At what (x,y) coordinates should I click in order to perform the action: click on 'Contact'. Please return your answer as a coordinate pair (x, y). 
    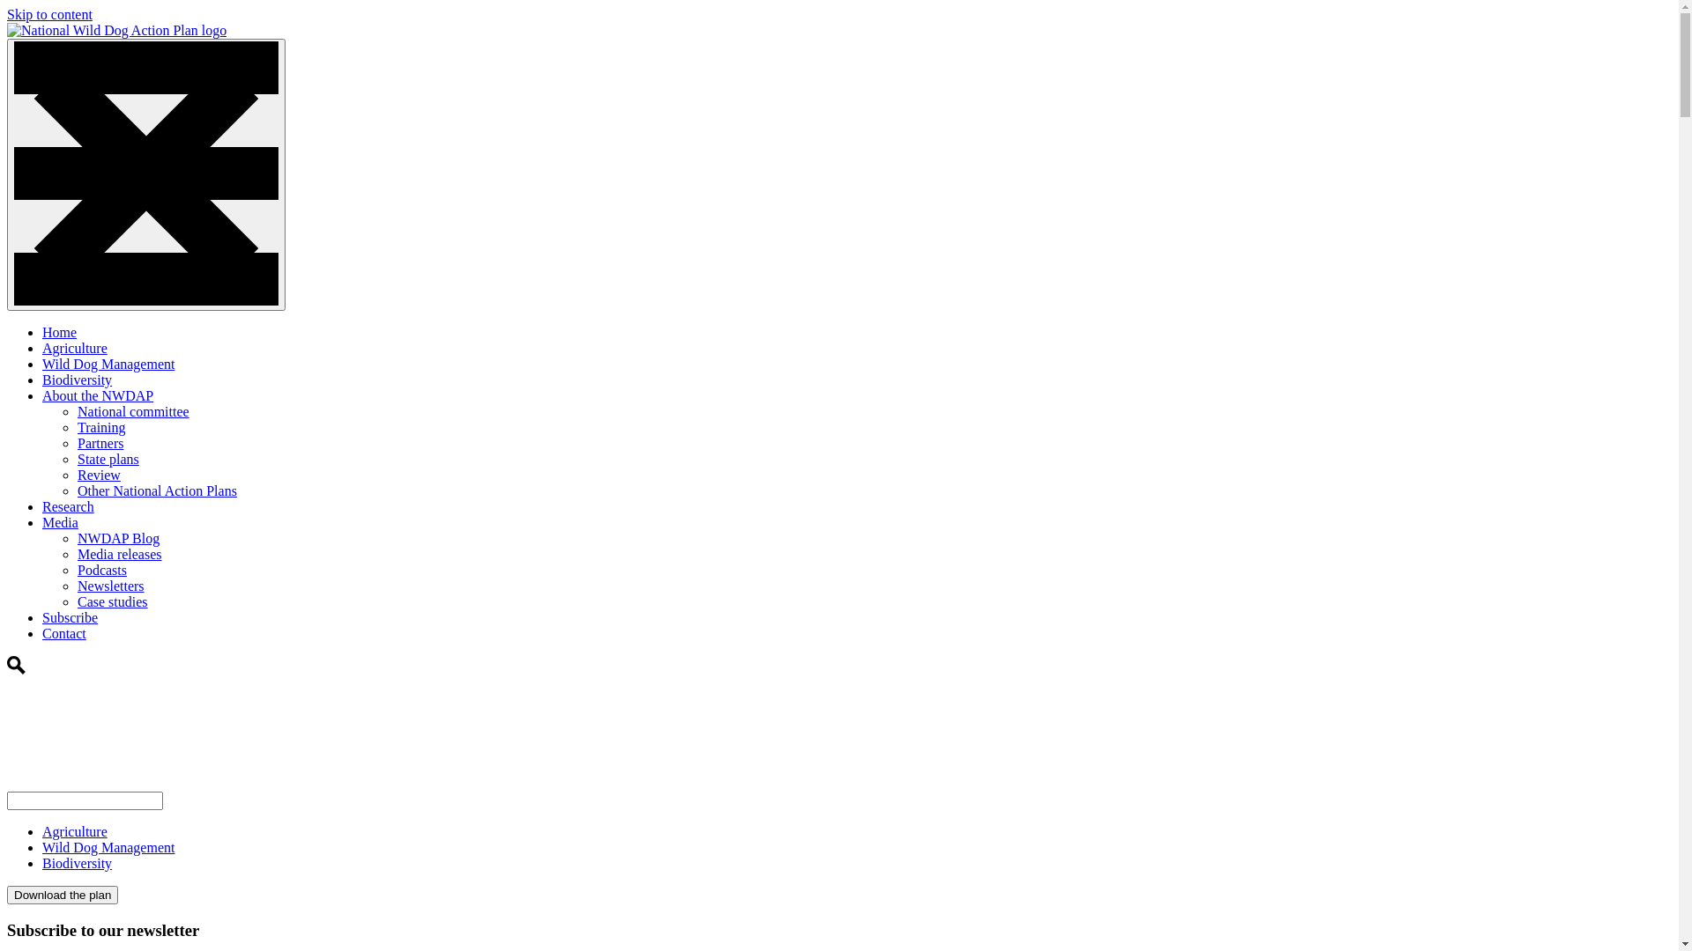
    Looking at the image, I should click on (63, 632).